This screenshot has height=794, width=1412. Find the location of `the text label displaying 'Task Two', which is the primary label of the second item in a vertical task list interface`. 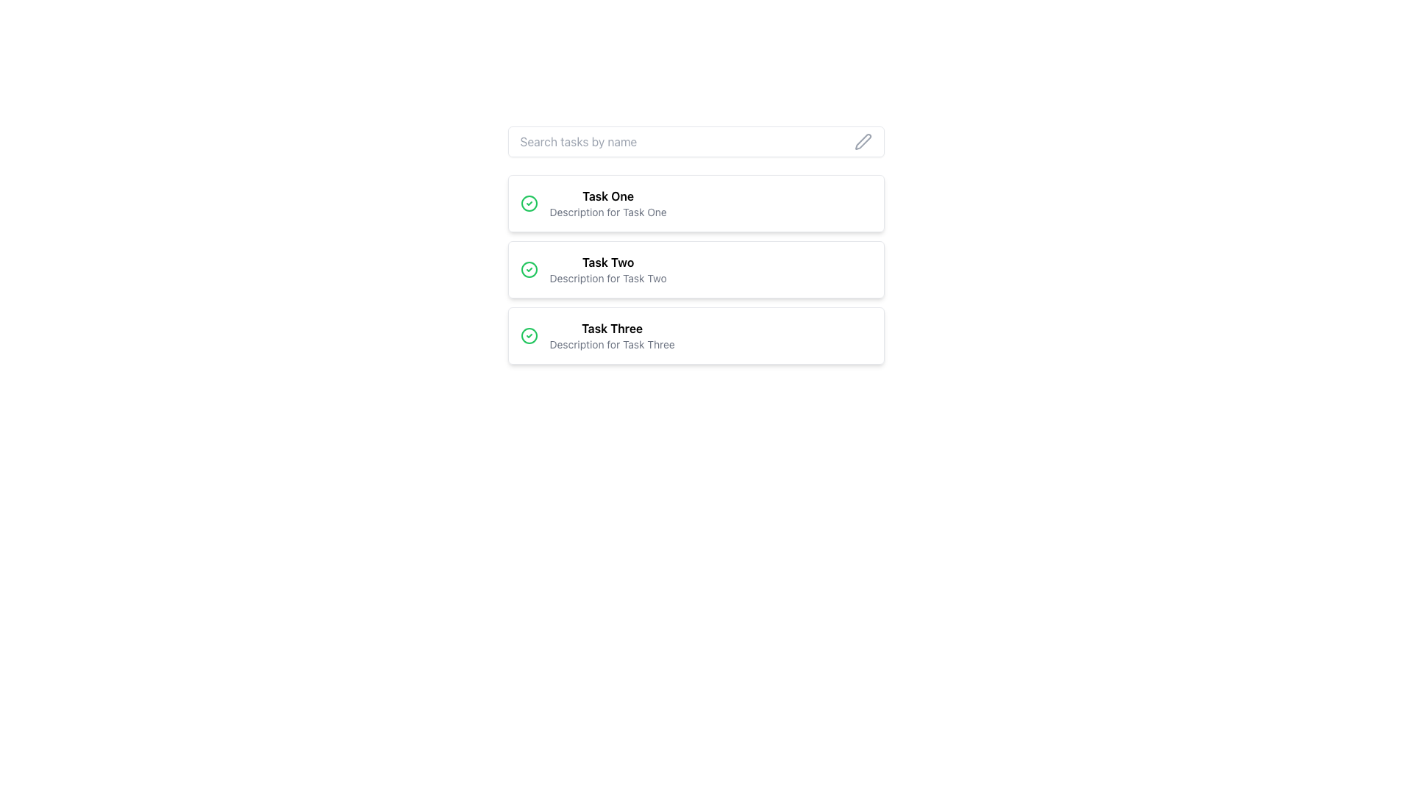

the text label displaying 'Task Two', which is the primary label of the second item in a vertical task list interface is located at coordinates (608, 262).